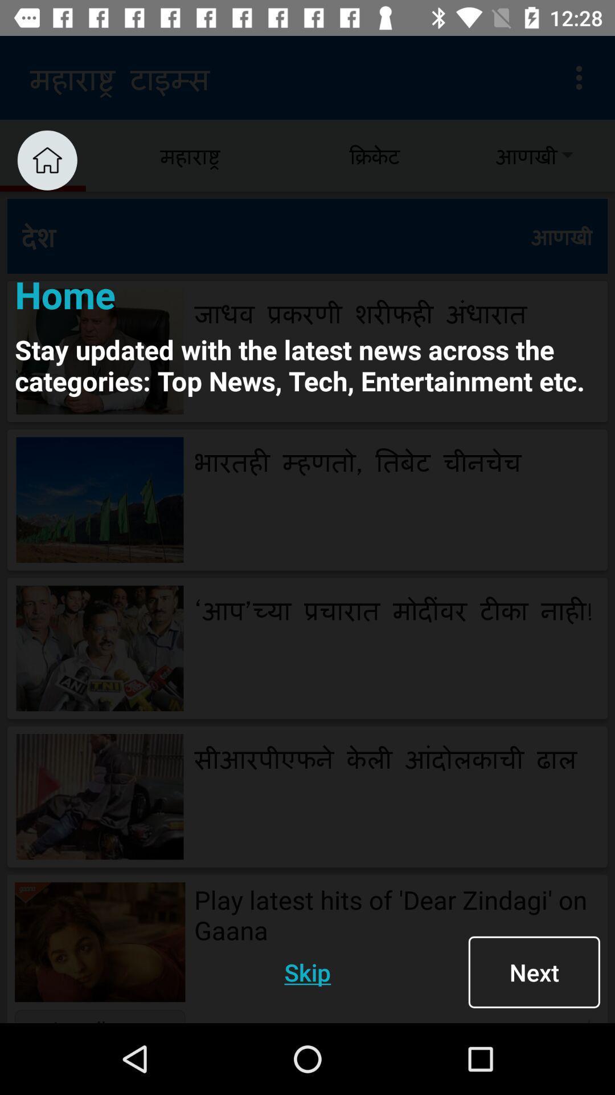  Describe the element at coordinates (47, 160) in the screenshot. I see `click home menu` at that location.